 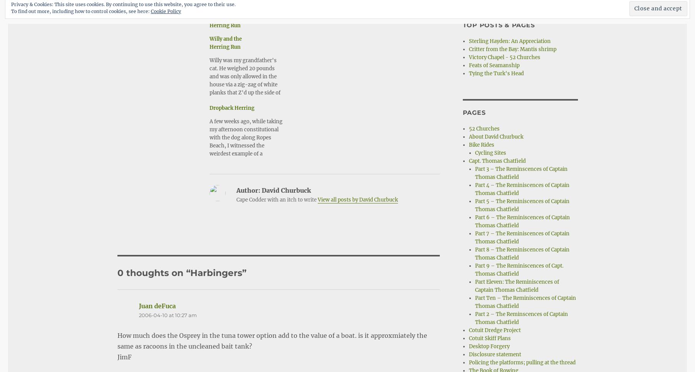 What do you see at coordinates (468, 362) in the screenshot?
I see `'Policing the platforms; pulling at the thread'` at bounding box center [468, 362].